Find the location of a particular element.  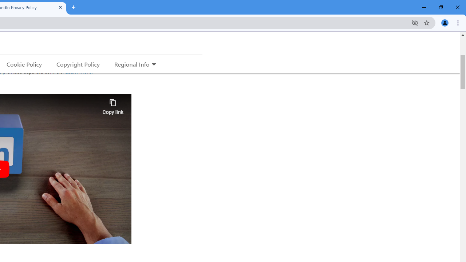

'Expand to show more links for Regional Info' is located at coordinates (153, 64).